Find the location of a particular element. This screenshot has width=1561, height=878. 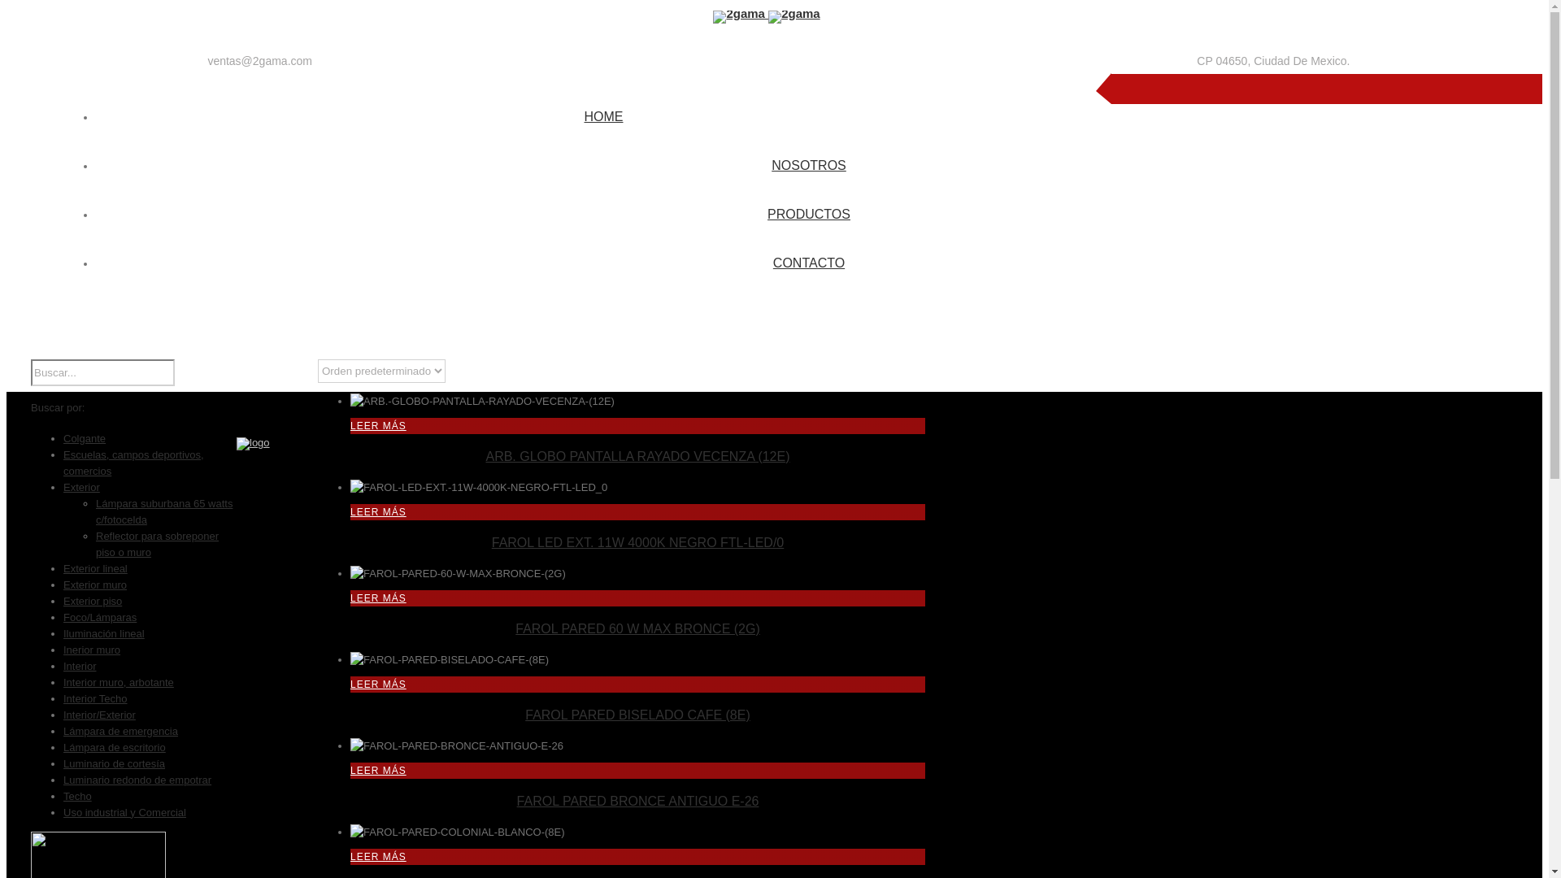

'ARB. GLOBO PANTALLA RAYADO VECENZA (12E)' is located at coordinates (636, 456).